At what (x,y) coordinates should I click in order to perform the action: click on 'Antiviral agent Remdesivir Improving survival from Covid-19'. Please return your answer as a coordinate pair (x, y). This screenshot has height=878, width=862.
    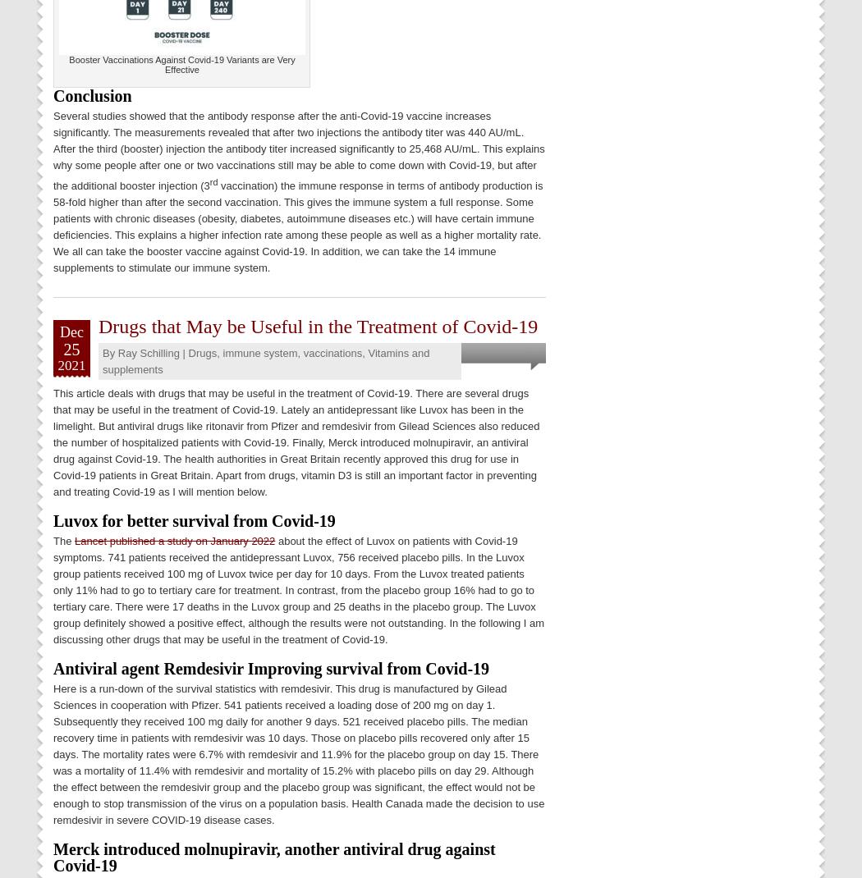
    Looking at the image, I should click on (271, 667).